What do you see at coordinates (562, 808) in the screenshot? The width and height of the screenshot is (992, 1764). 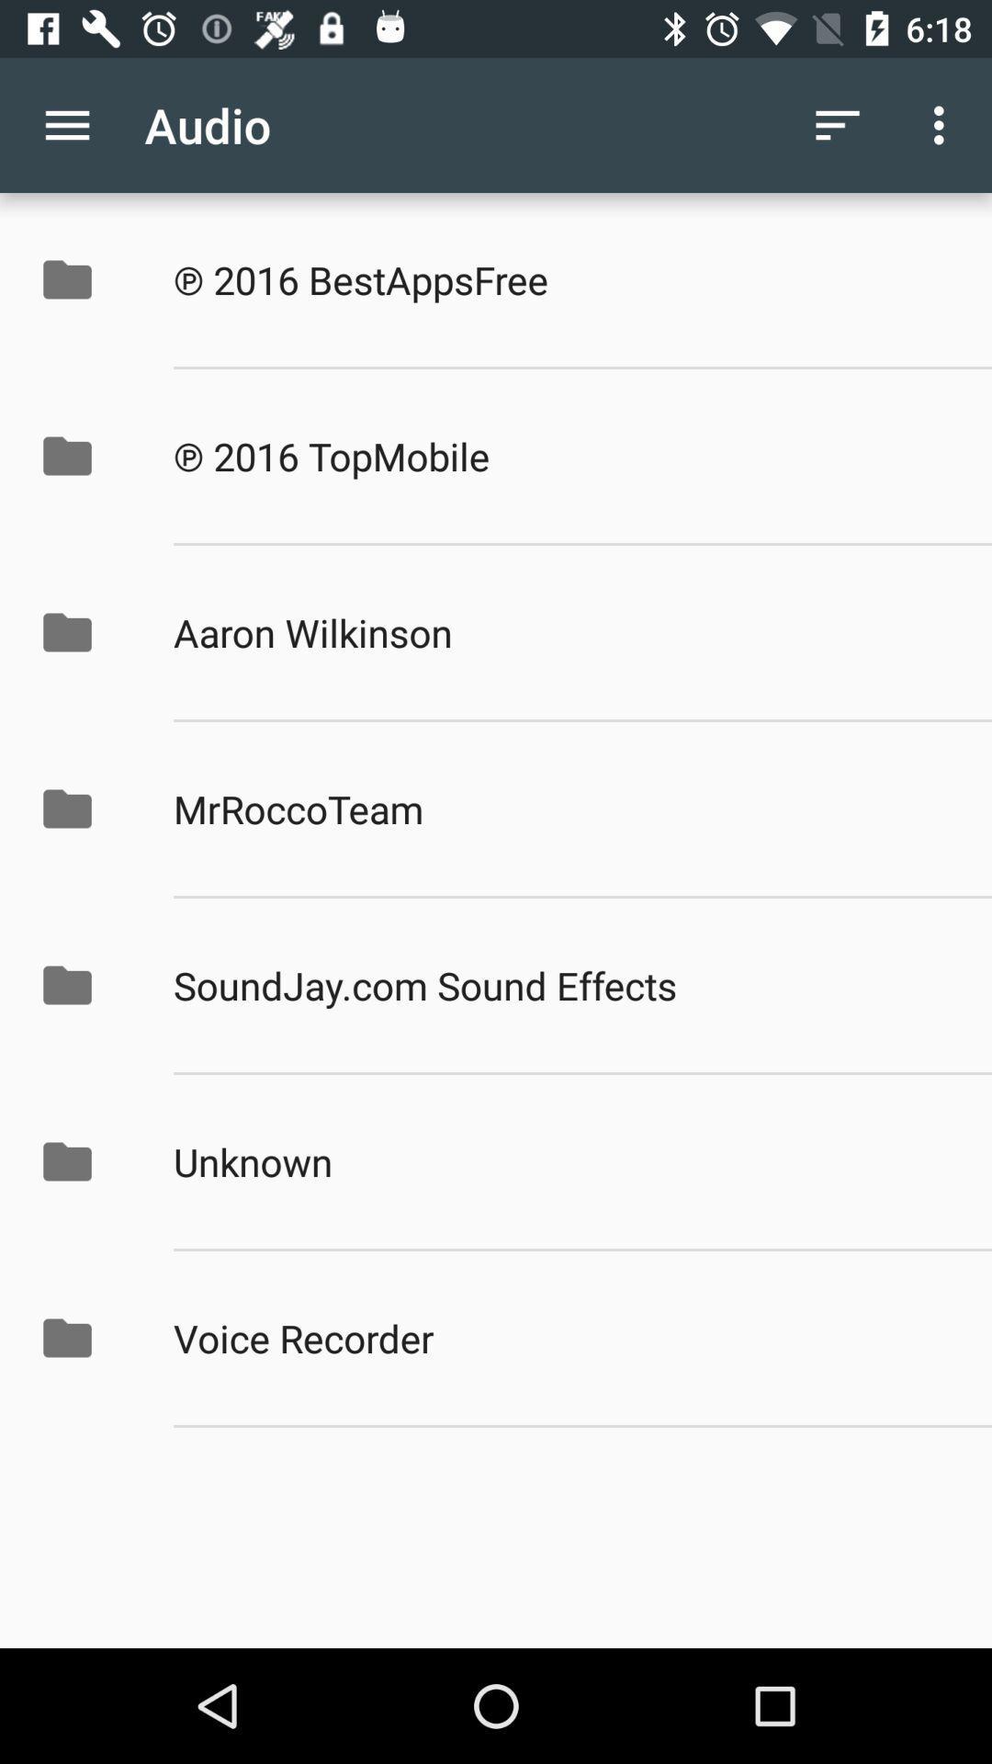 I see `mrroccoteam app` at bounding box center [562, 808].